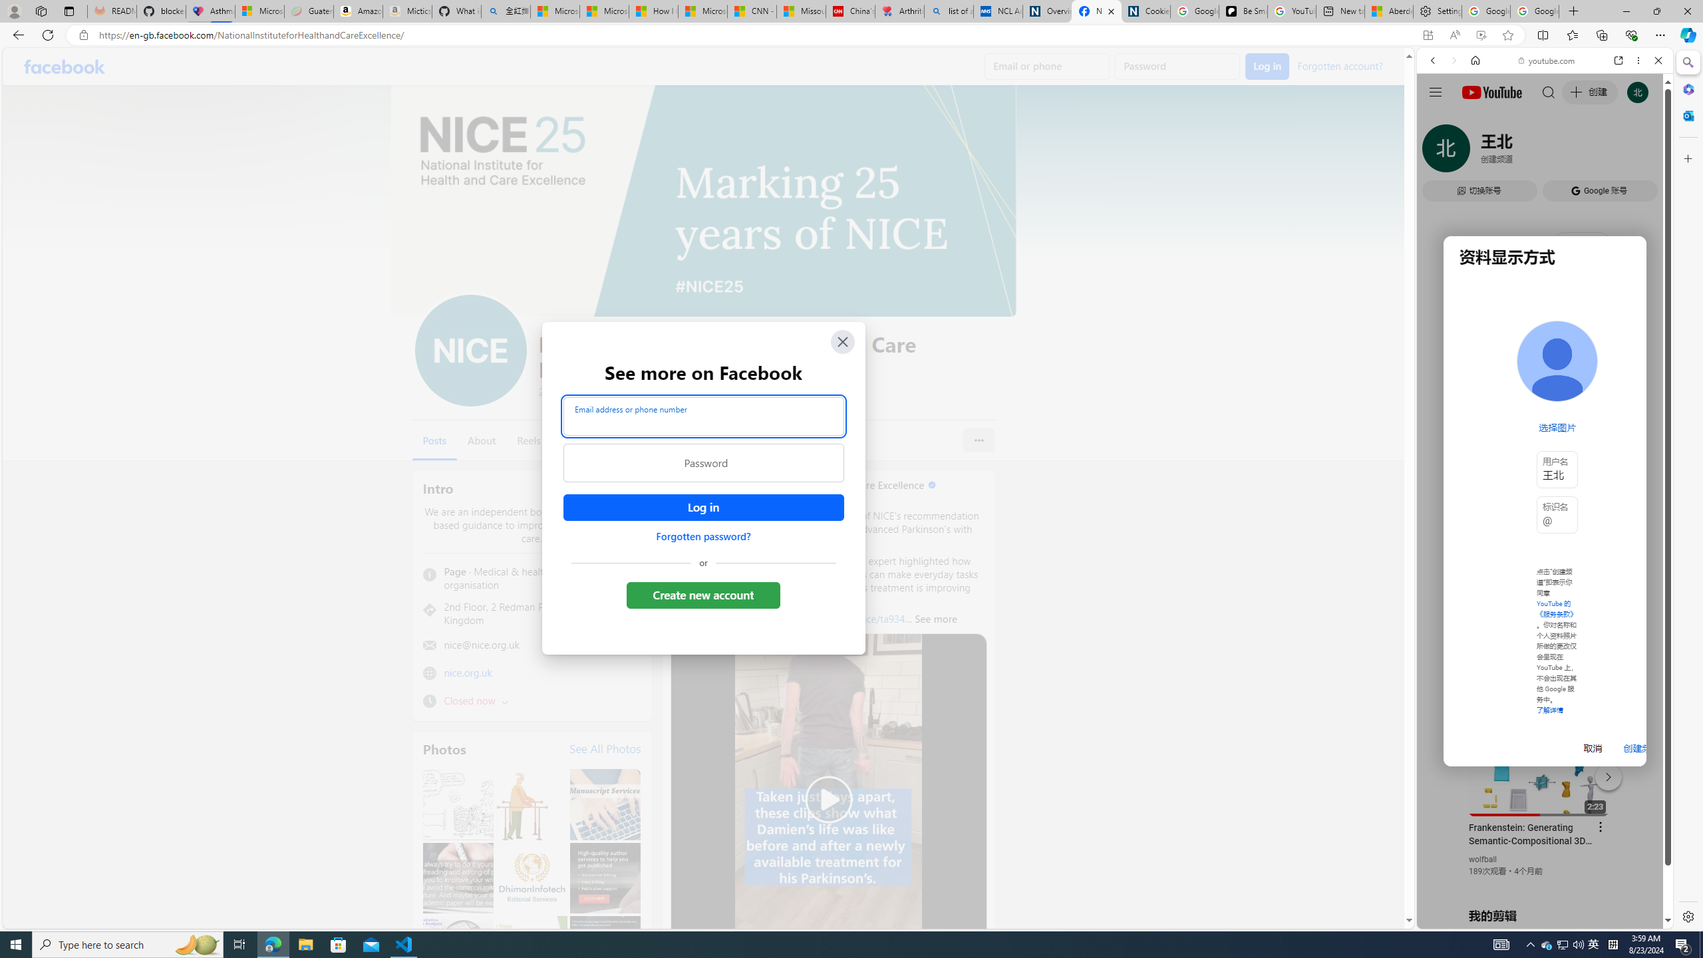 The image size is (1703, 958). What do you see at coordinates (1145, 11) in the screenshot?
I see `'Cookies'` at bounding box center [1145, 11].